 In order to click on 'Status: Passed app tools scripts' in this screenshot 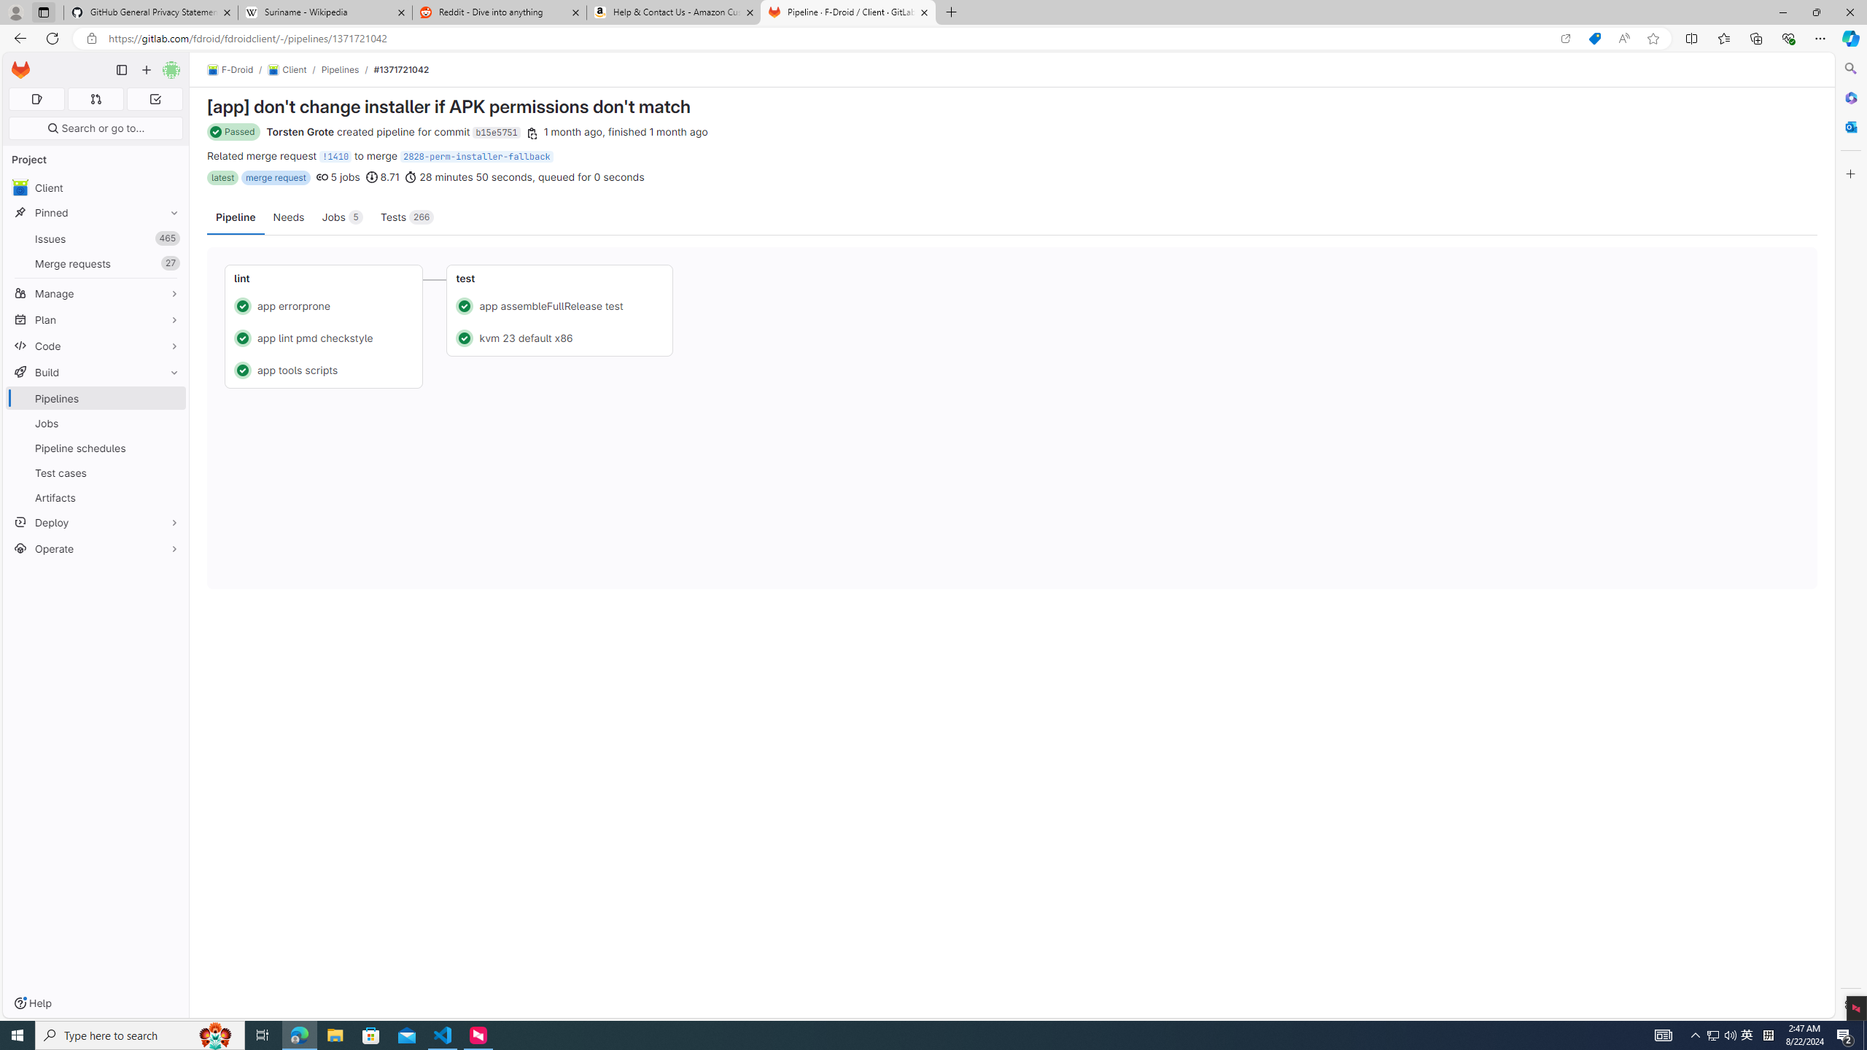, I will do `click(324, 369)`.